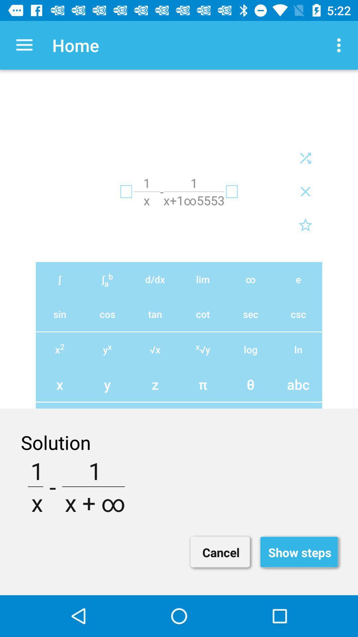  Describe the element at coordinates (305, 191) in the screenshot. I see `the close icon` at that location.